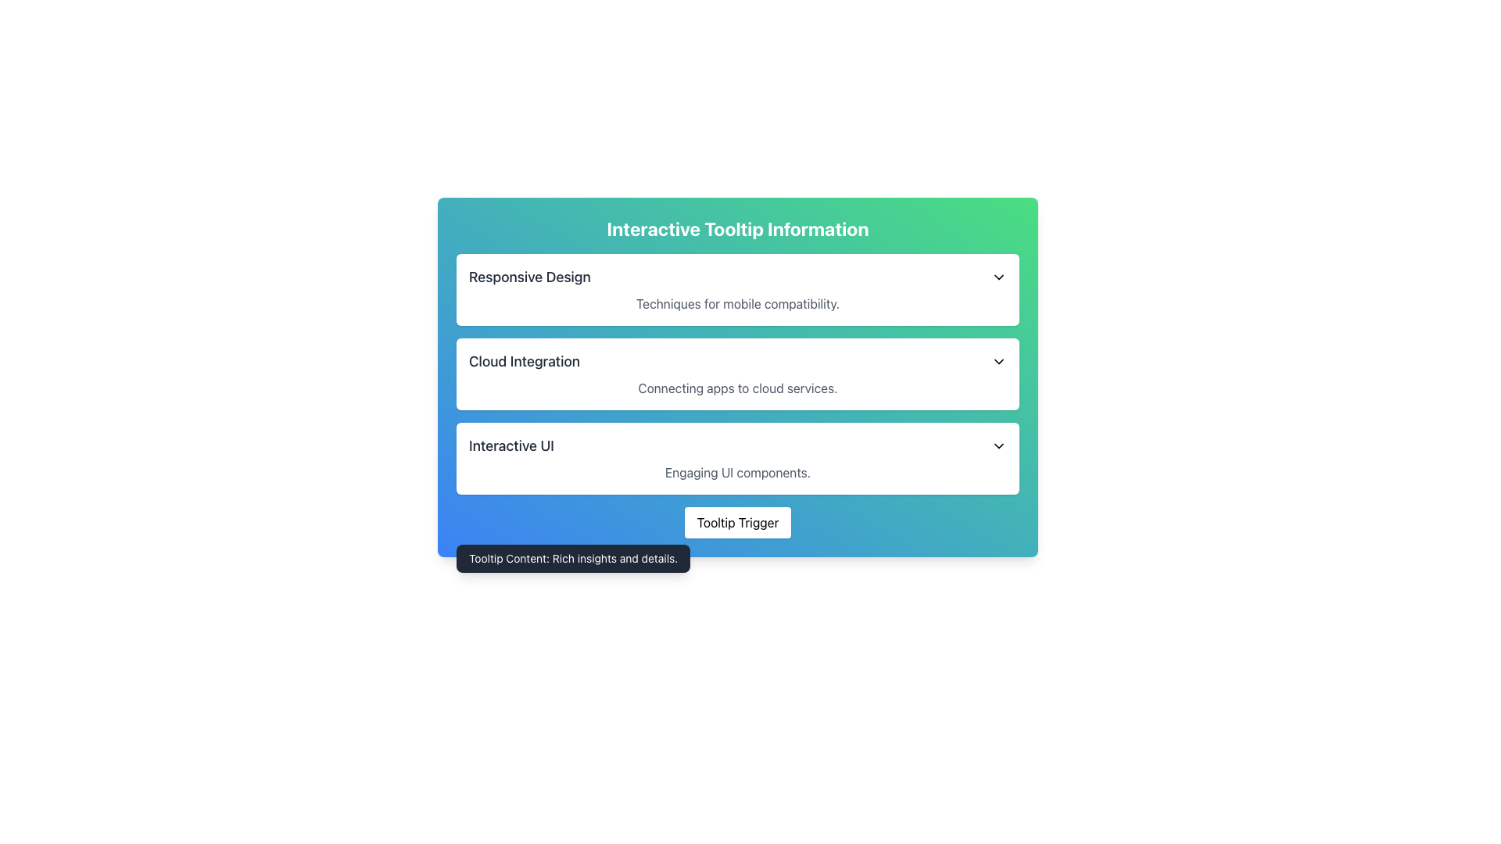 The image size is (1501, 844). What do you see at coordinates (998, 445) in the screenshot?
I see `the downward-facing chevron icon located to the right of the 'Interactive UI' label` at bounding box center [998, 445].